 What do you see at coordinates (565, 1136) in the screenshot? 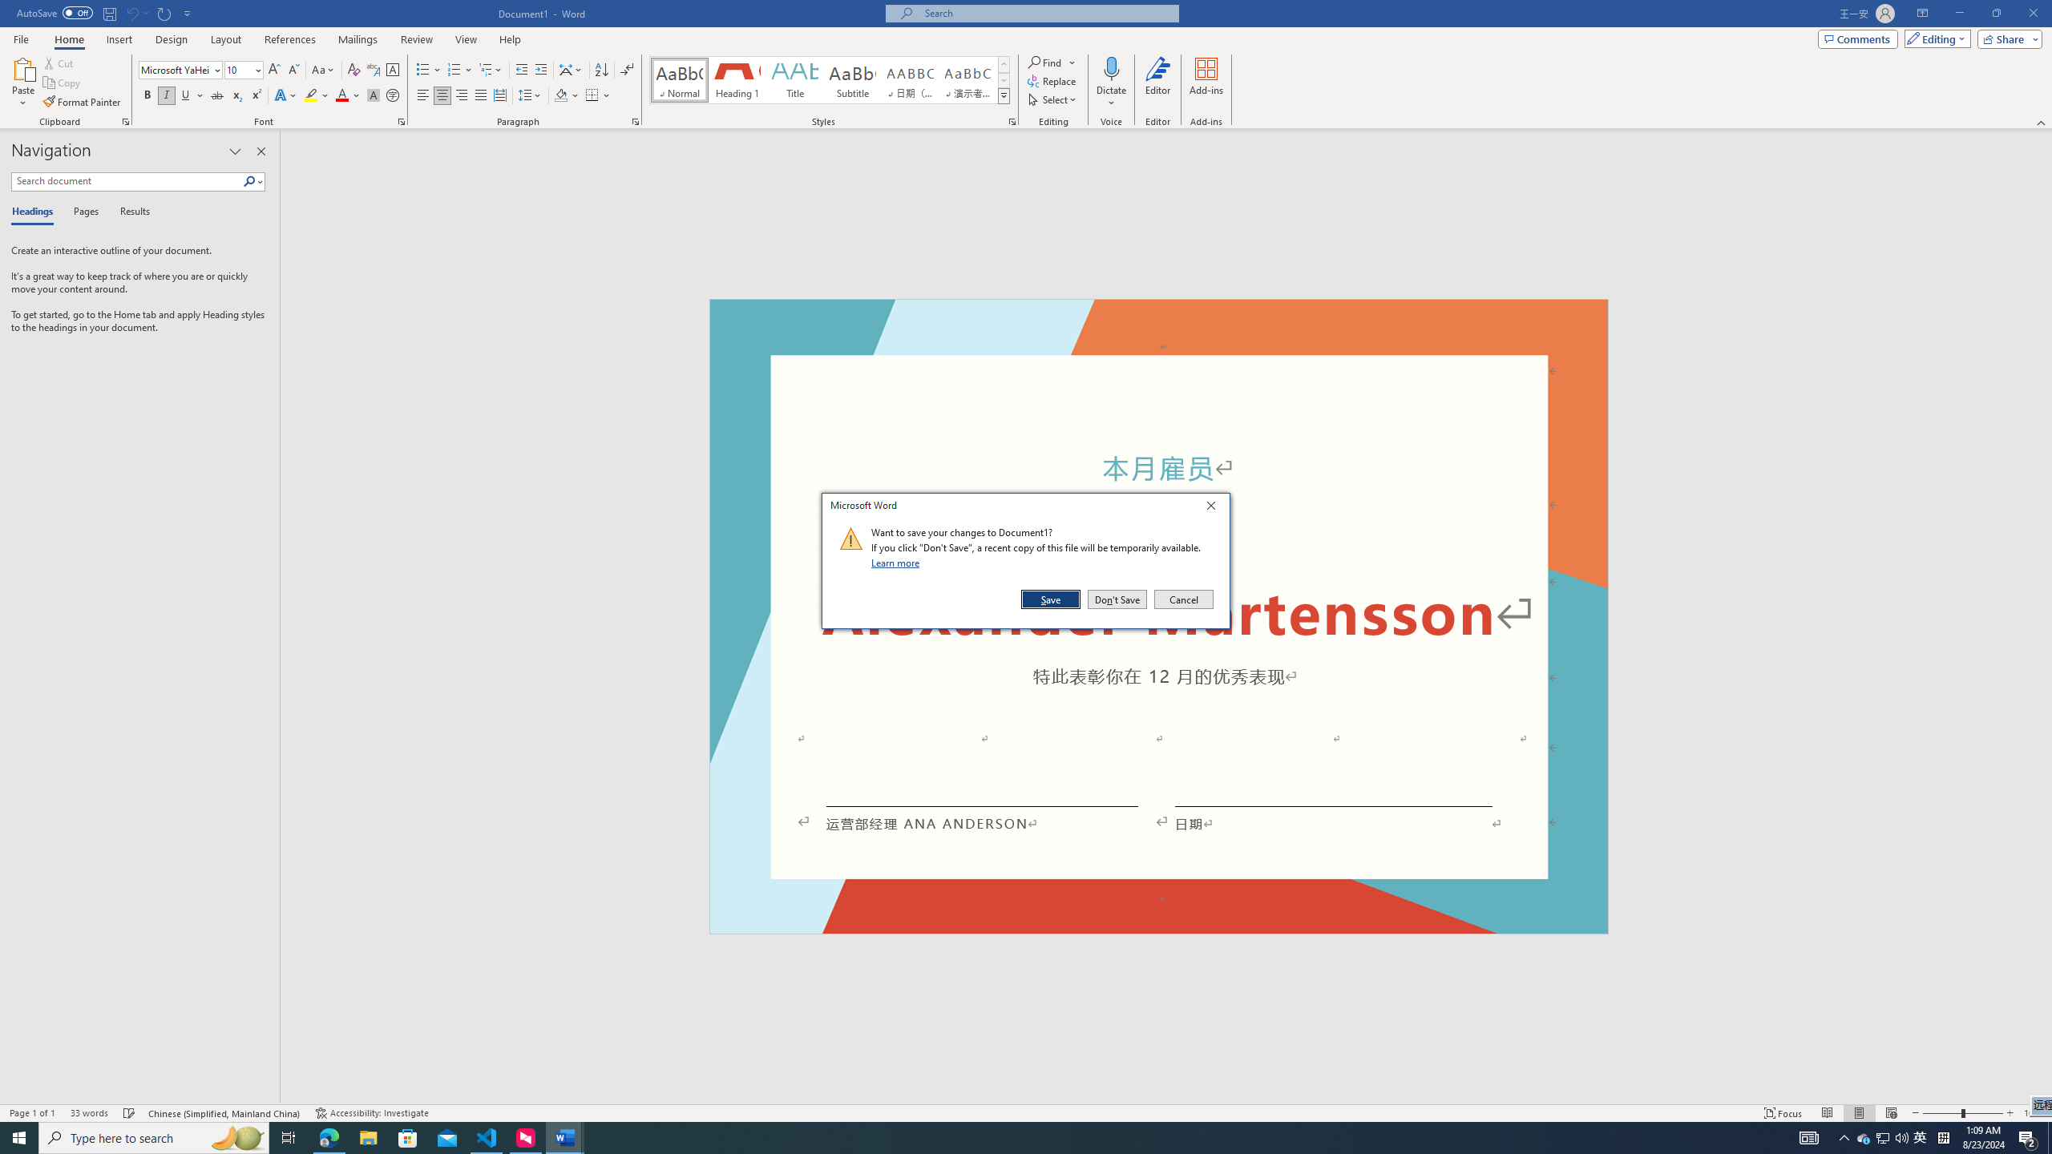
I see `'Word - 2 running windows'` at bounding box center [565, 1136].